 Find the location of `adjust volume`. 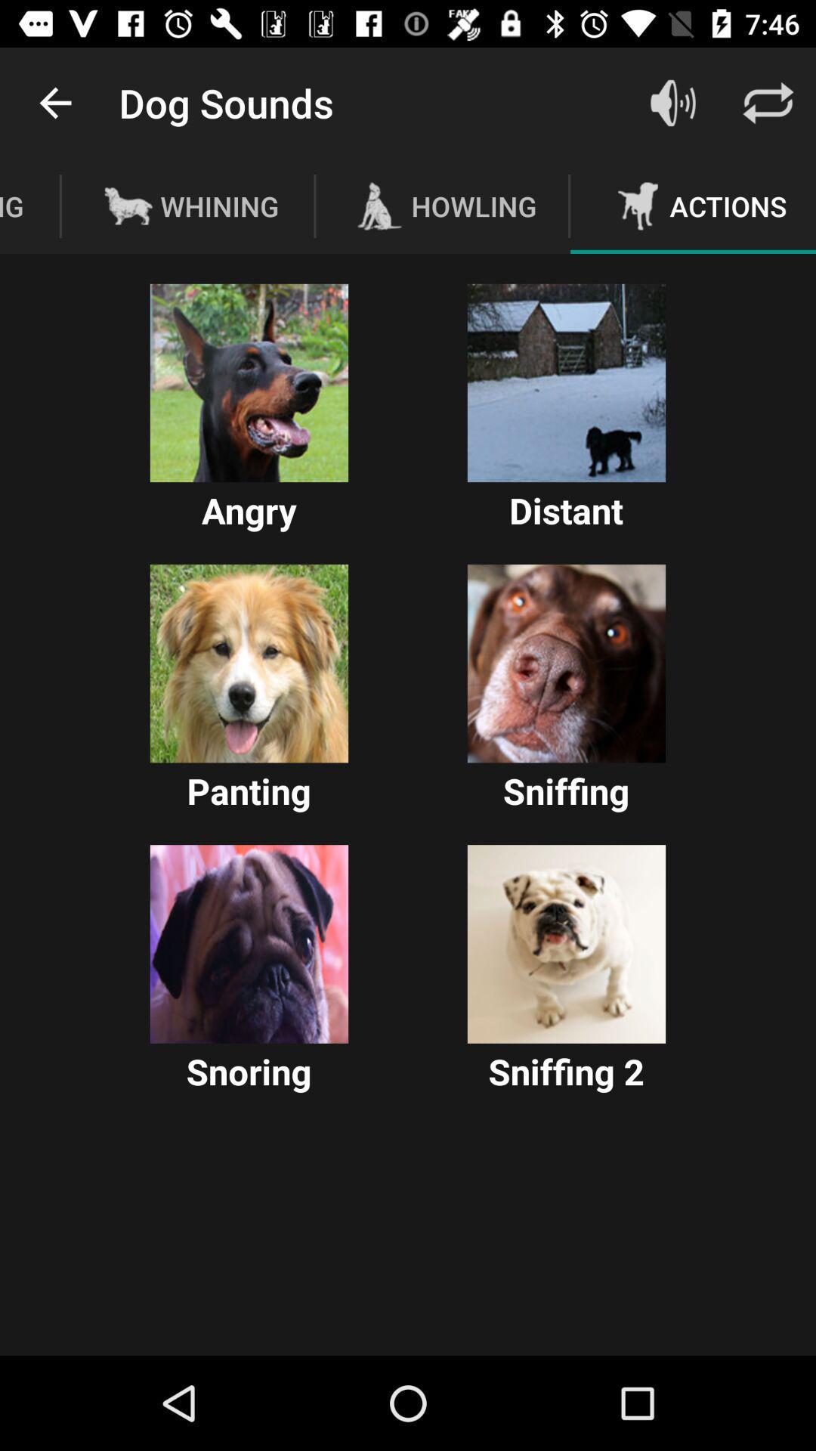

adjust volume is located at coordinates (672, 102).